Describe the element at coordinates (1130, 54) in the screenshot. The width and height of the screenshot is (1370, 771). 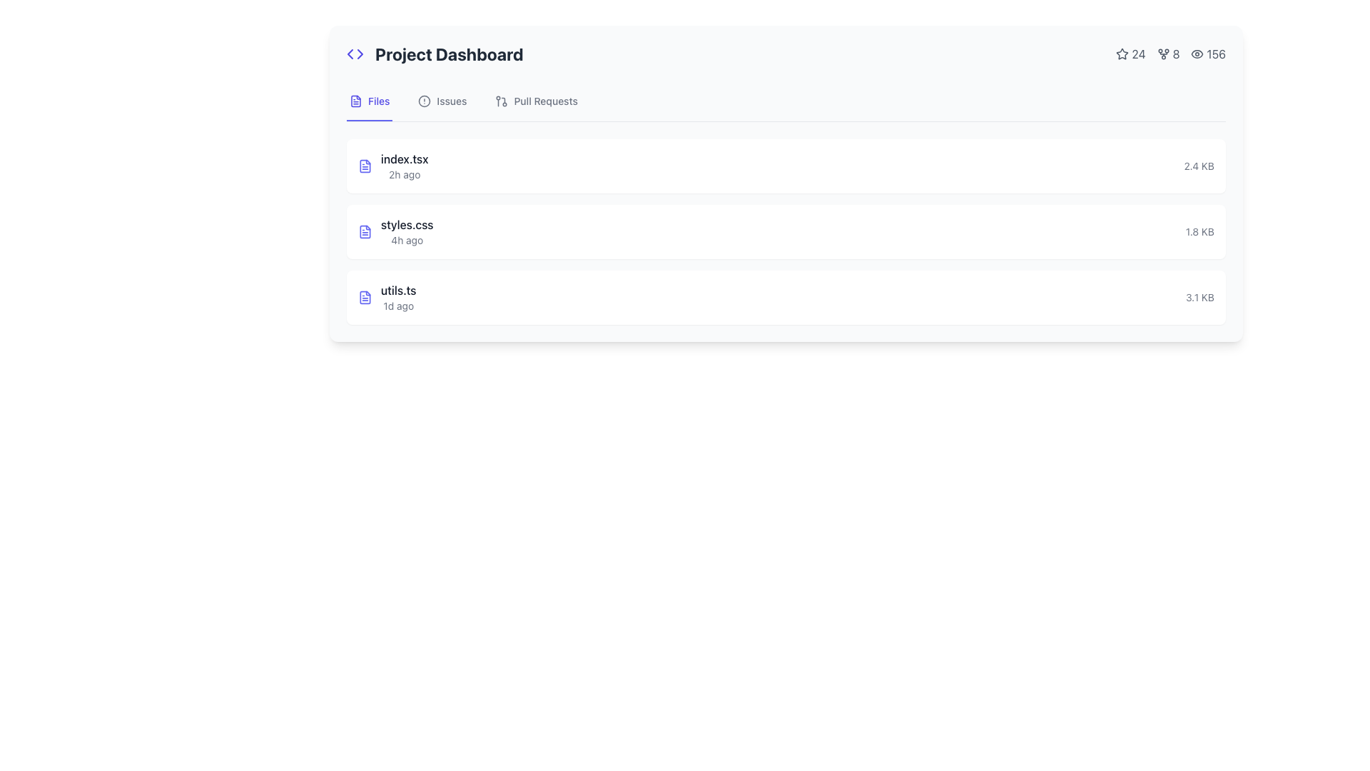
I see `the text label displaying the number '24', located in the upper-right corner of the interface, adjacent to a star icon` at that location.